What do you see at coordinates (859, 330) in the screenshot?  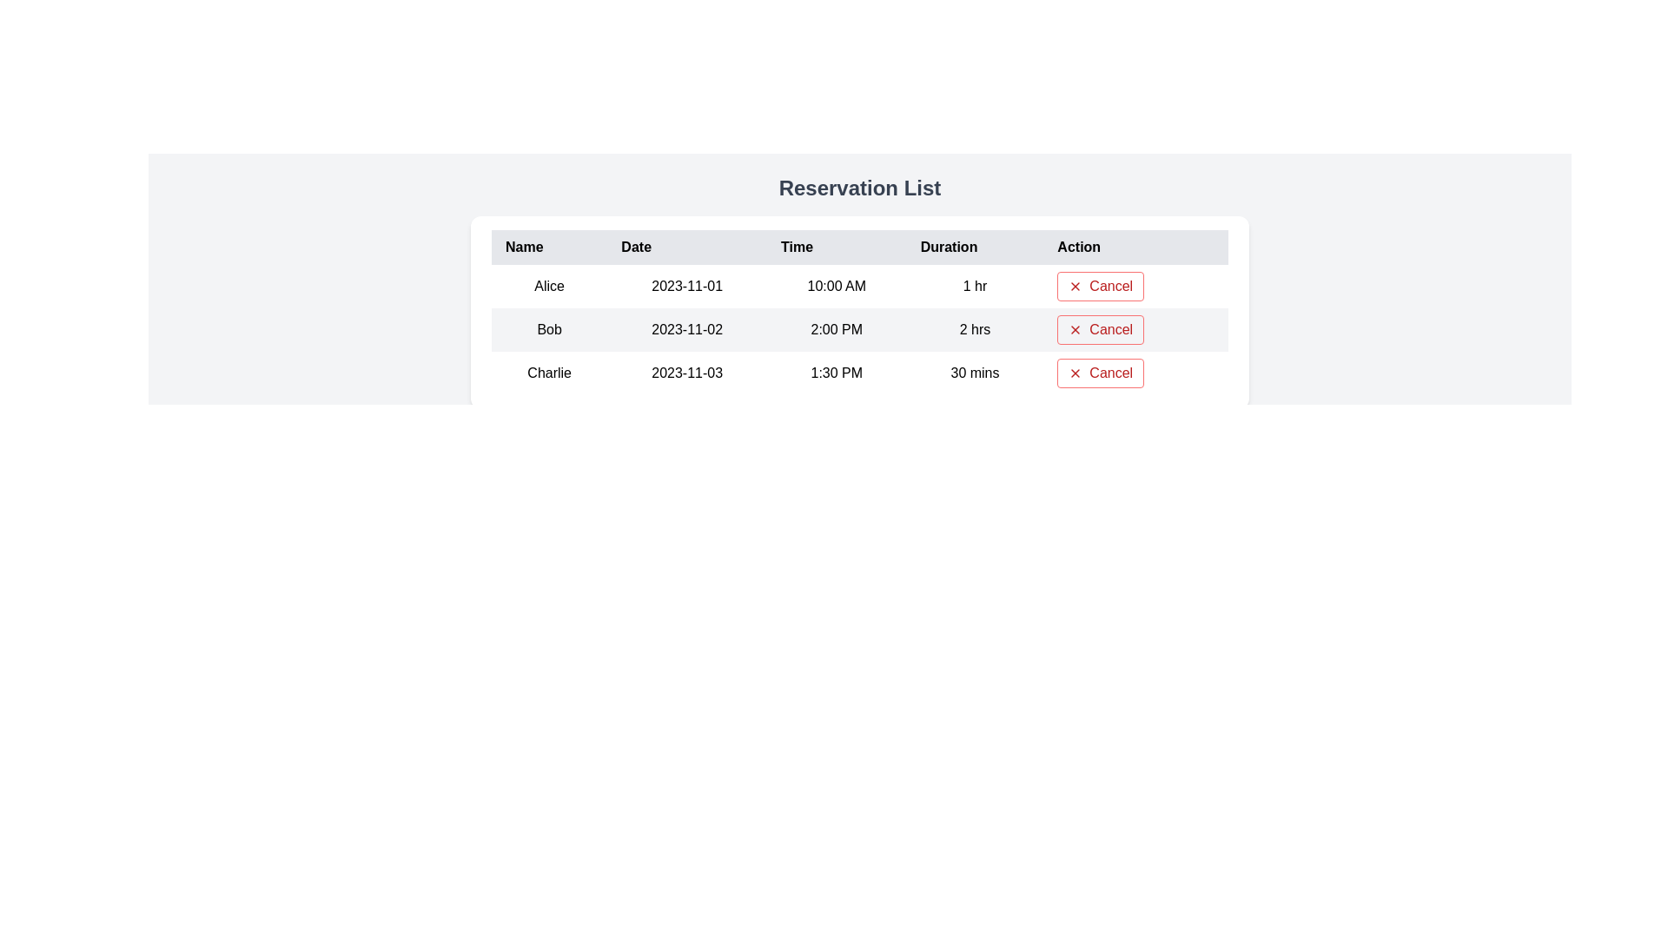 I see `the second row of the reservation table containing the entry 'Bob'` at bounding box center [859, 330].